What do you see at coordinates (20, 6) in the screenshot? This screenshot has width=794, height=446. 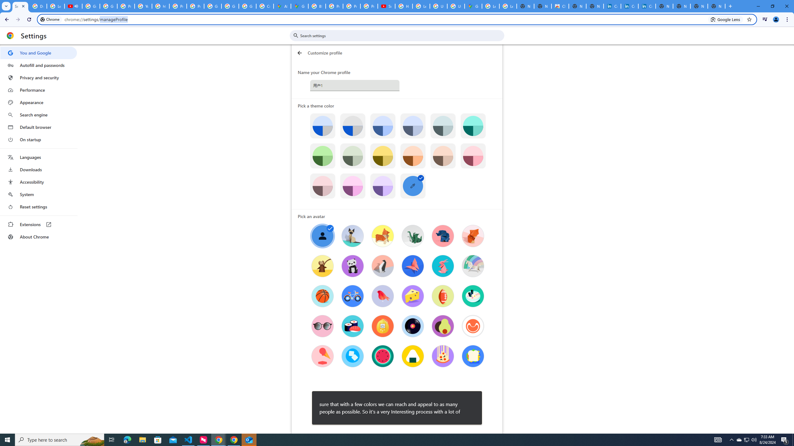 I see `'Settings - Customize profile'` at bounding box center [20, 6].